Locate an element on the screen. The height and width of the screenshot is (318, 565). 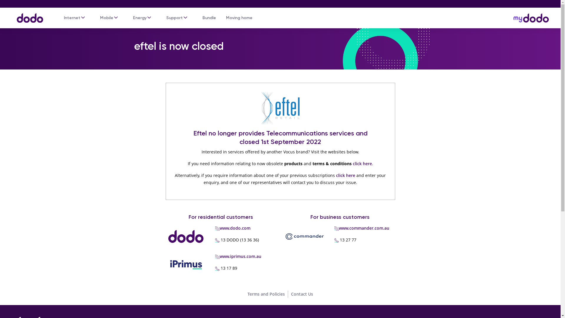
'www.dodo.com' is located at coordinates (235, 228).